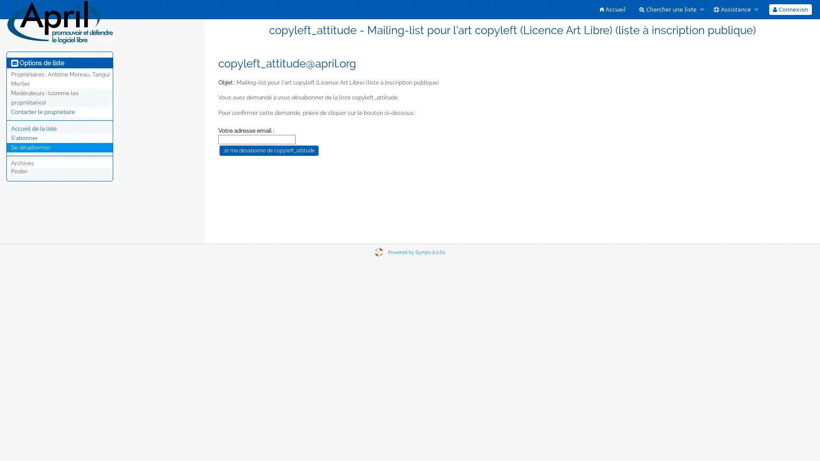 The image size is (820, 461). Describe the element at coordinates (789, 9) in the screenshot. I see `Connexion` at that location.